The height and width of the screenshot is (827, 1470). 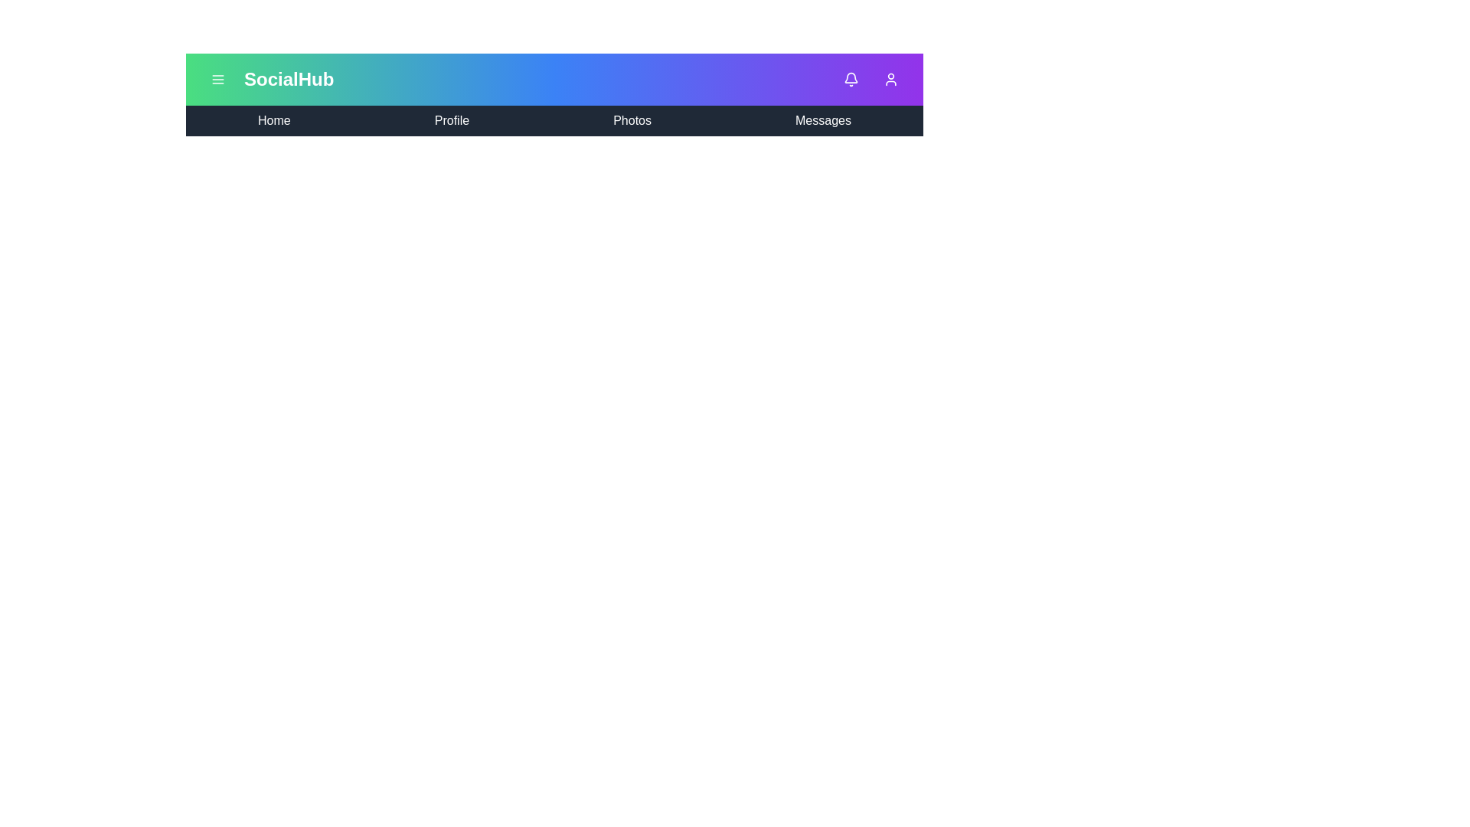 I want to click on the navigation item Messages to navigate to the corresponding section, so click(x=822, y=120).